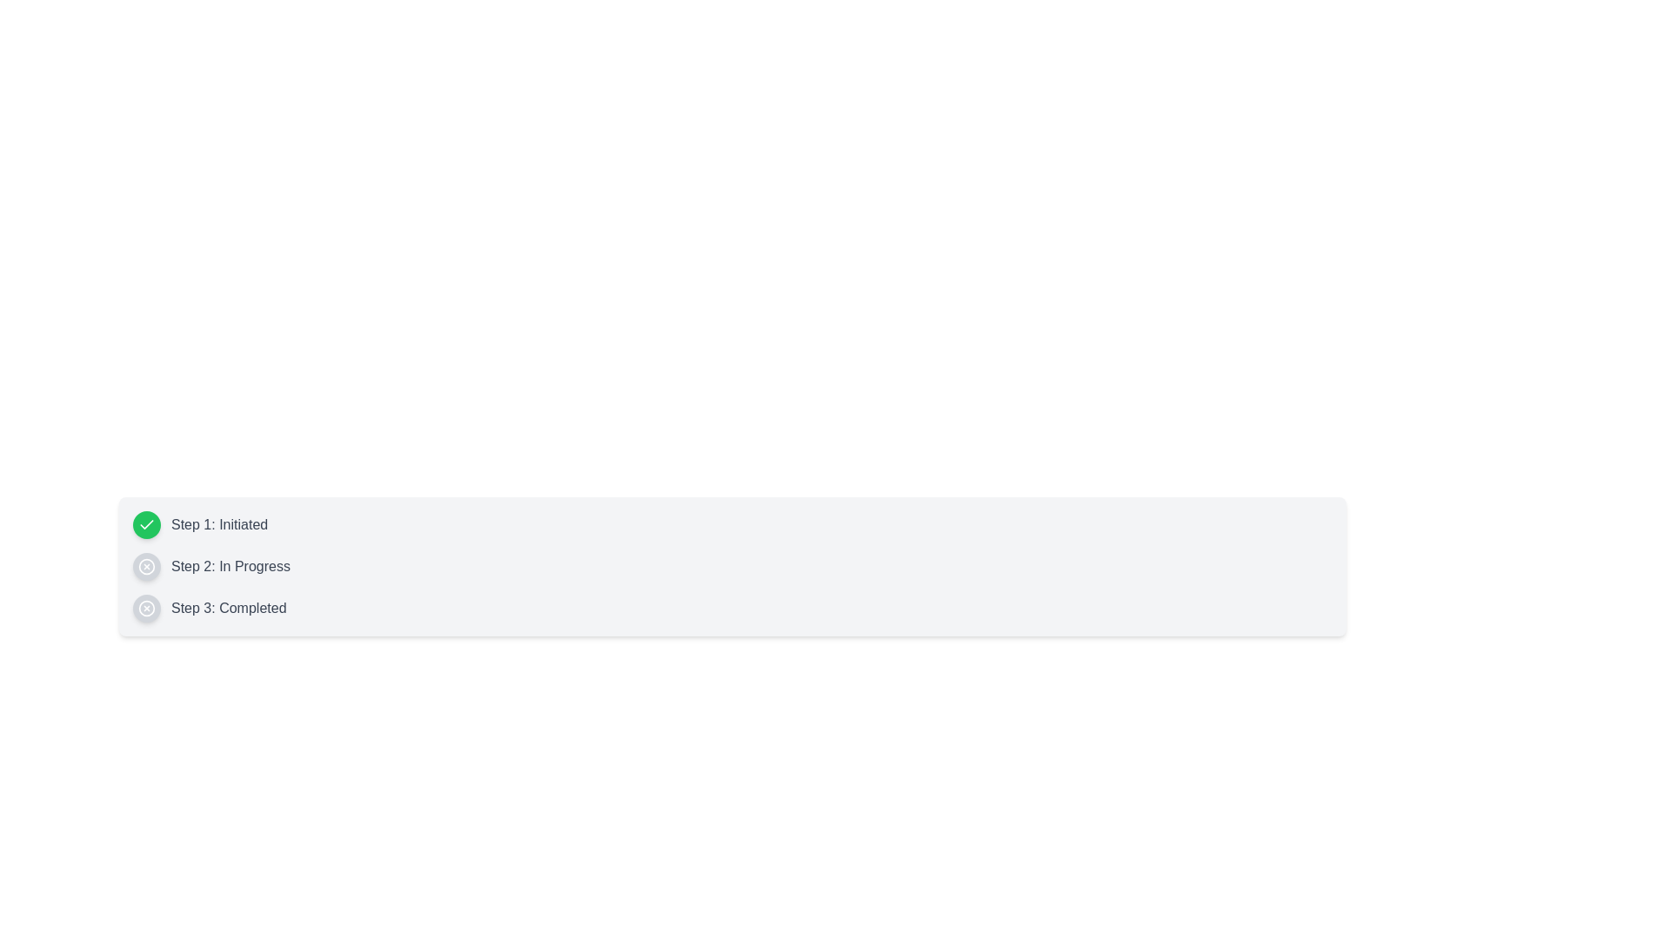 The width and height of the screenshot is (1670, 939). I want to click on the icon located on the right side of the 'Step 3: Completed' item in the step list, so click(146, 607).